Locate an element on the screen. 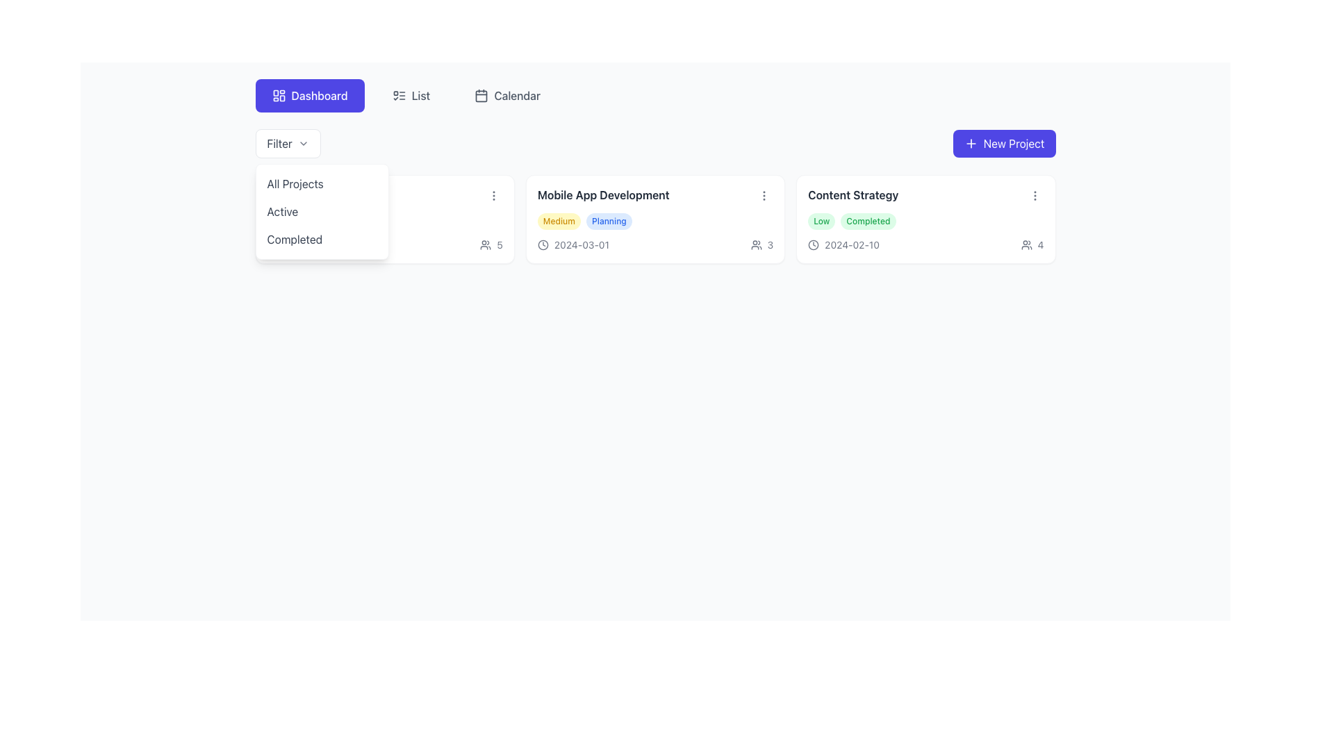 This screenshot has height=750, width=1334. labels 'Medium' and 'Planning' which are pill-shaped elements with distinct colors, located under the title 'Mobile App Development' in the second card of the Dashboard section is located at coordinates (654, 221).